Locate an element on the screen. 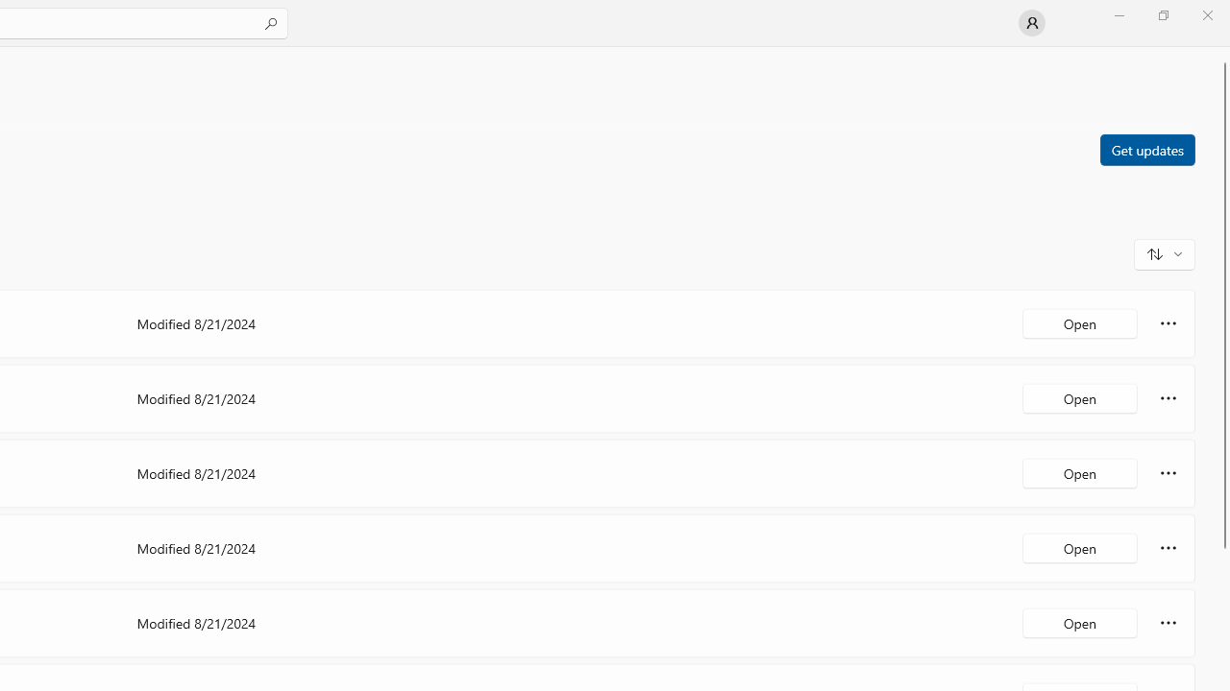 This screenshot has width=1230, height=691. 'Get updates' is located at coordinates (1146, 148).